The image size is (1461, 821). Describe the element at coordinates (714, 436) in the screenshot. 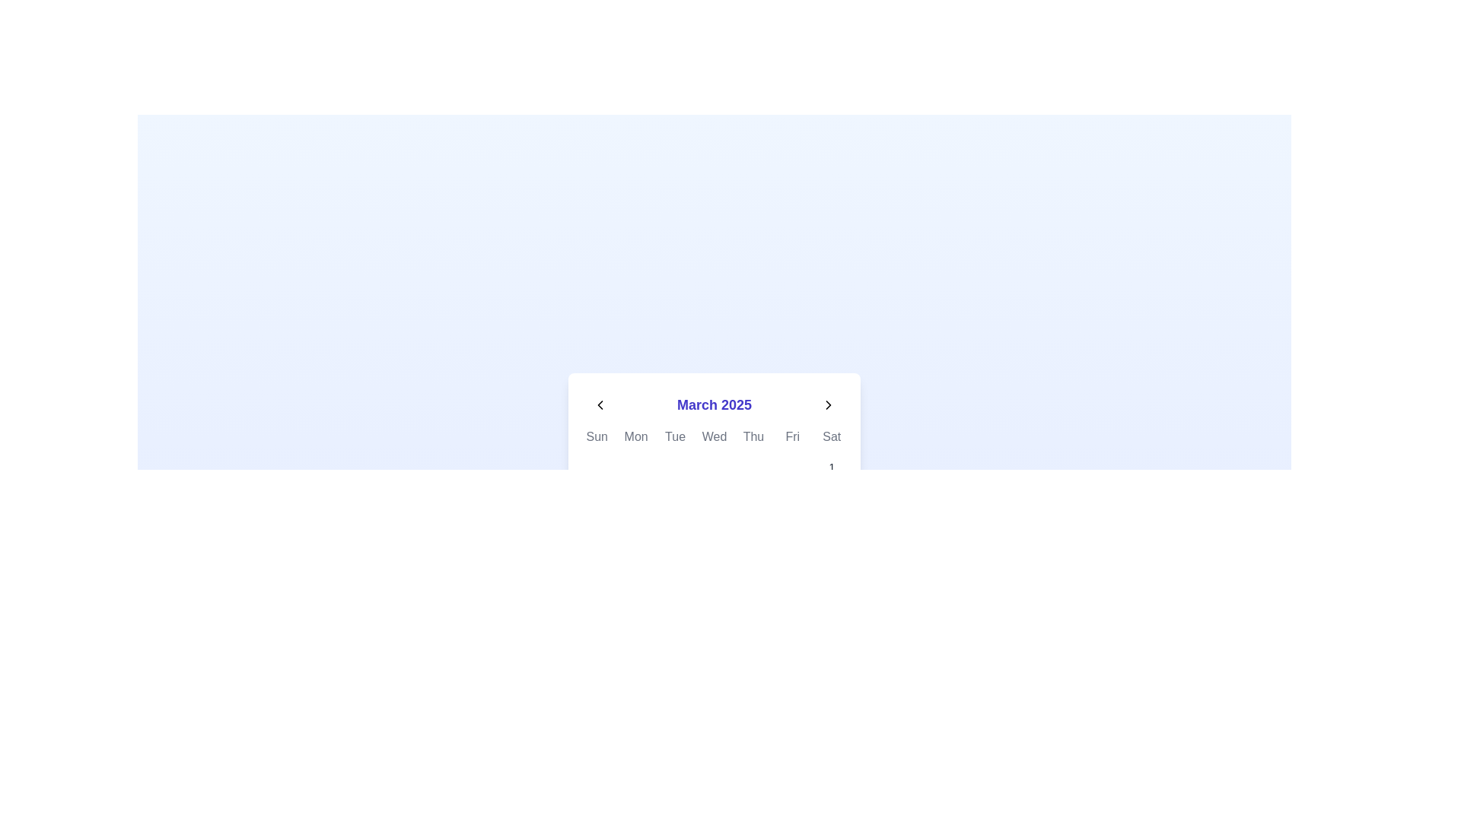

I see `the Text label indicating 'Wednesday' in the calendar view, which is positioned in the header among the day names` at that location.